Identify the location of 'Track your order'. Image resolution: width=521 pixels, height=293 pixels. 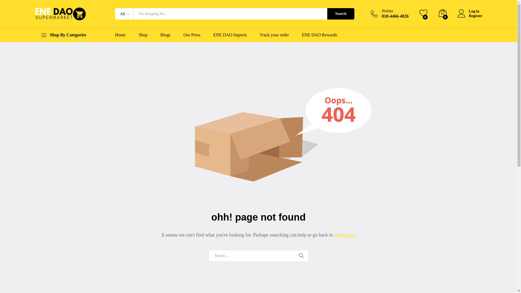
(274, 35).